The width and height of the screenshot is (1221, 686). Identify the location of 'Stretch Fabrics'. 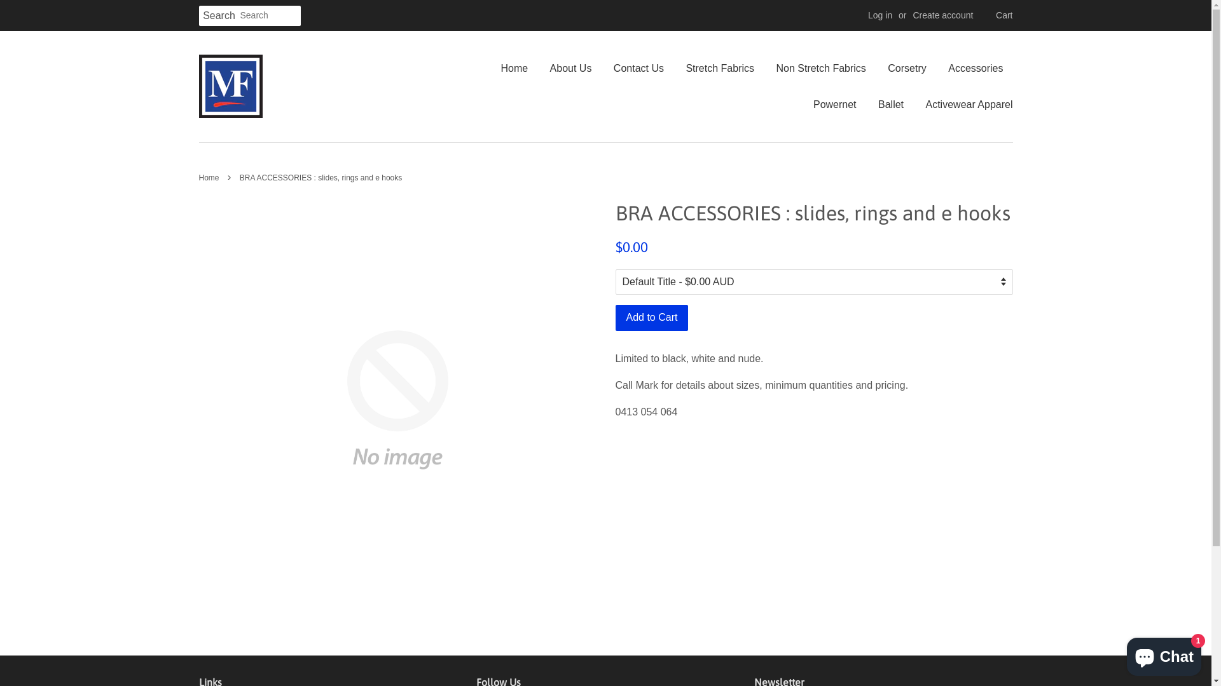
(675, 68).